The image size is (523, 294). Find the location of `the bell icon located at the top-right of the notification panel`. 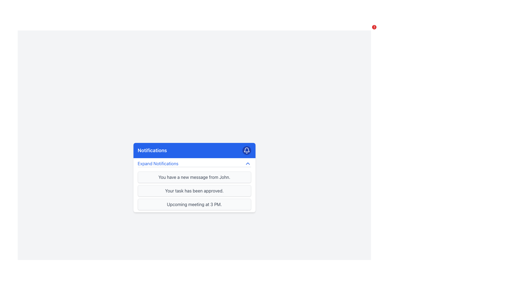

the bell icon located at the top-right of the notification panel is located at coordinates (246, 150).